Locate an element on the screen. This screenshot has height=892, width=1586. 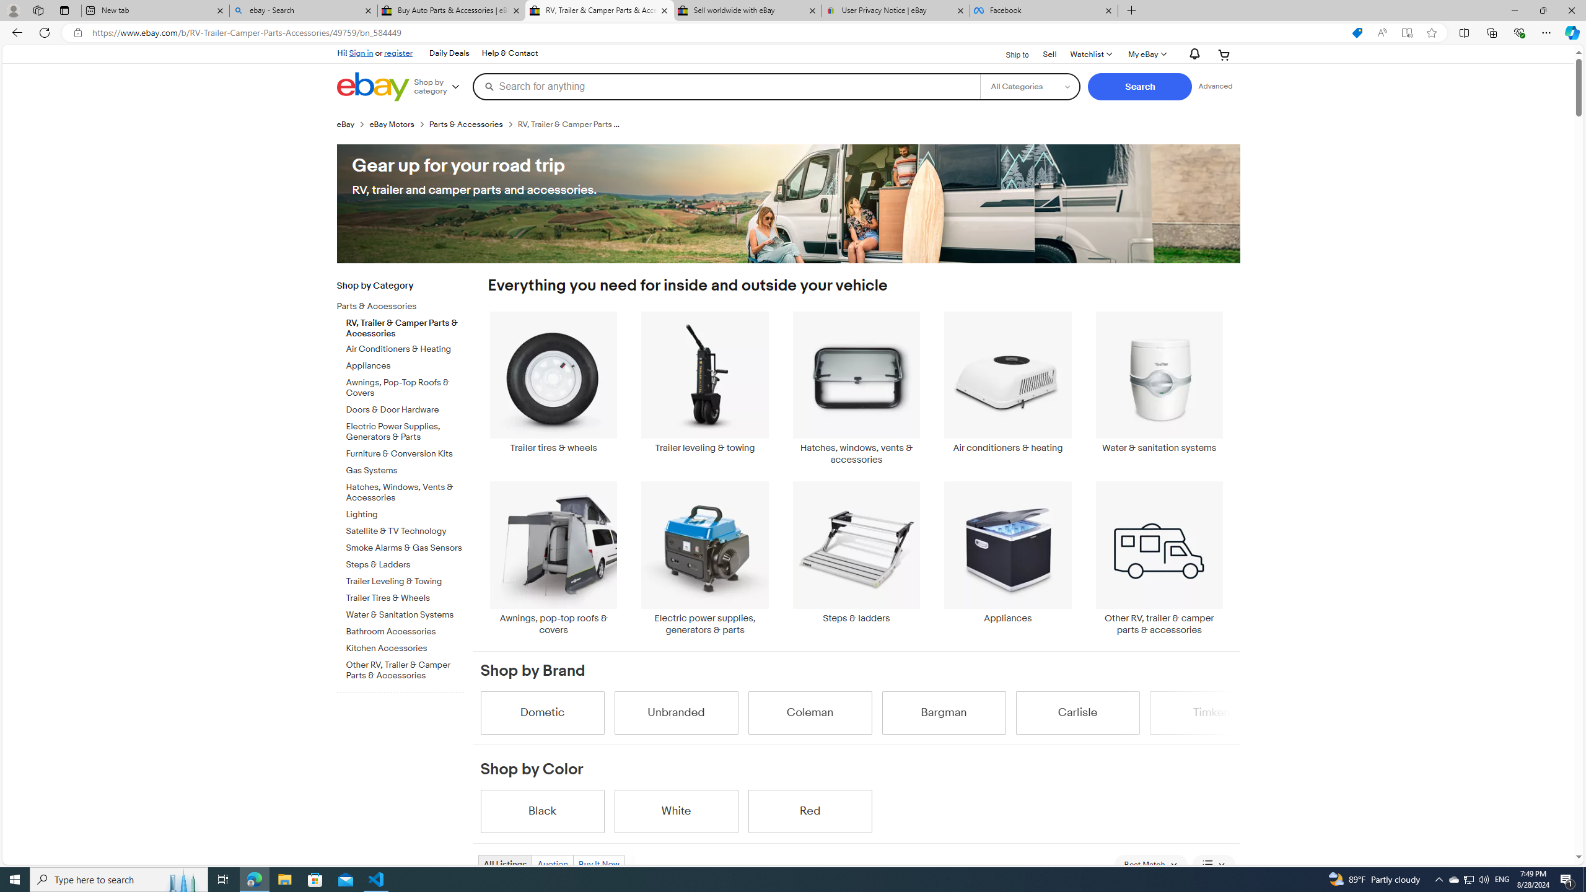
'Trailer leveling & towing' is located at coordinates (704, 388).